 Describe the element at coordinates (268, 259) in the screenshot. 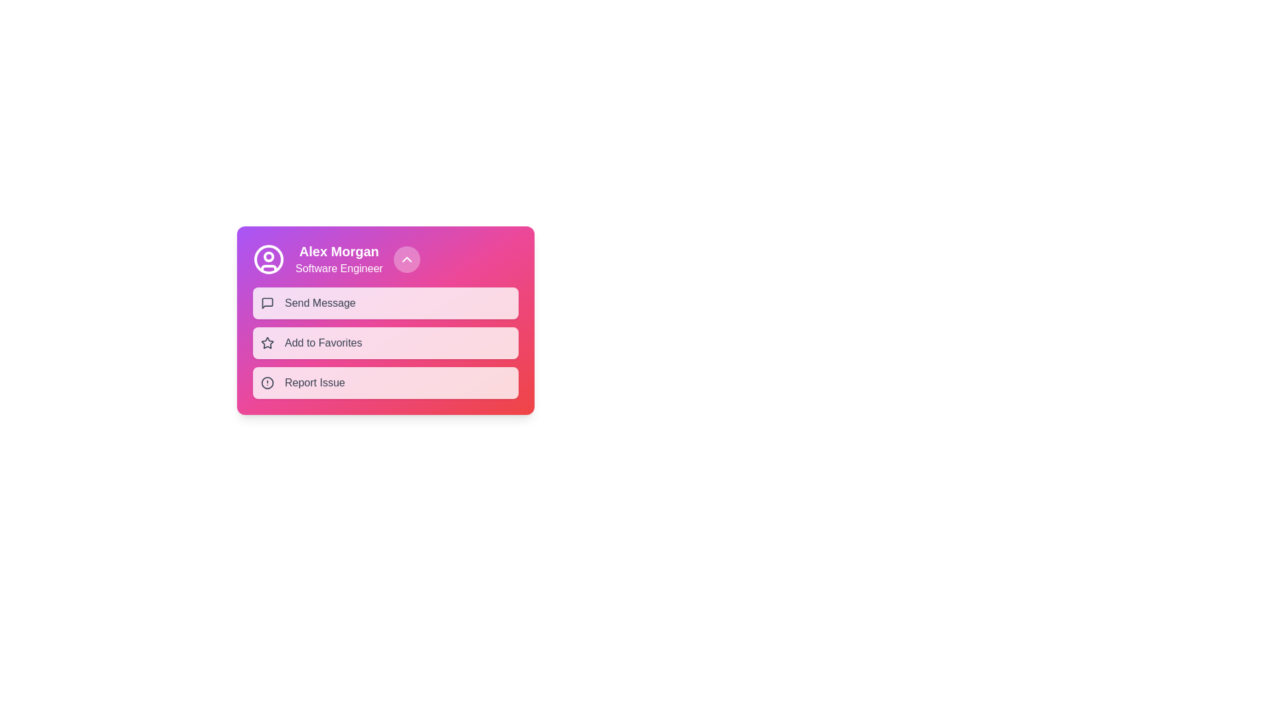

I see `the user profile icon, which is a circular icon with a smaller circle for the head and a curved line for shoulders, located at the top-left corner of the user details card preceding the text 'Alex Morgan' and 'Software Engineer'` at that location.